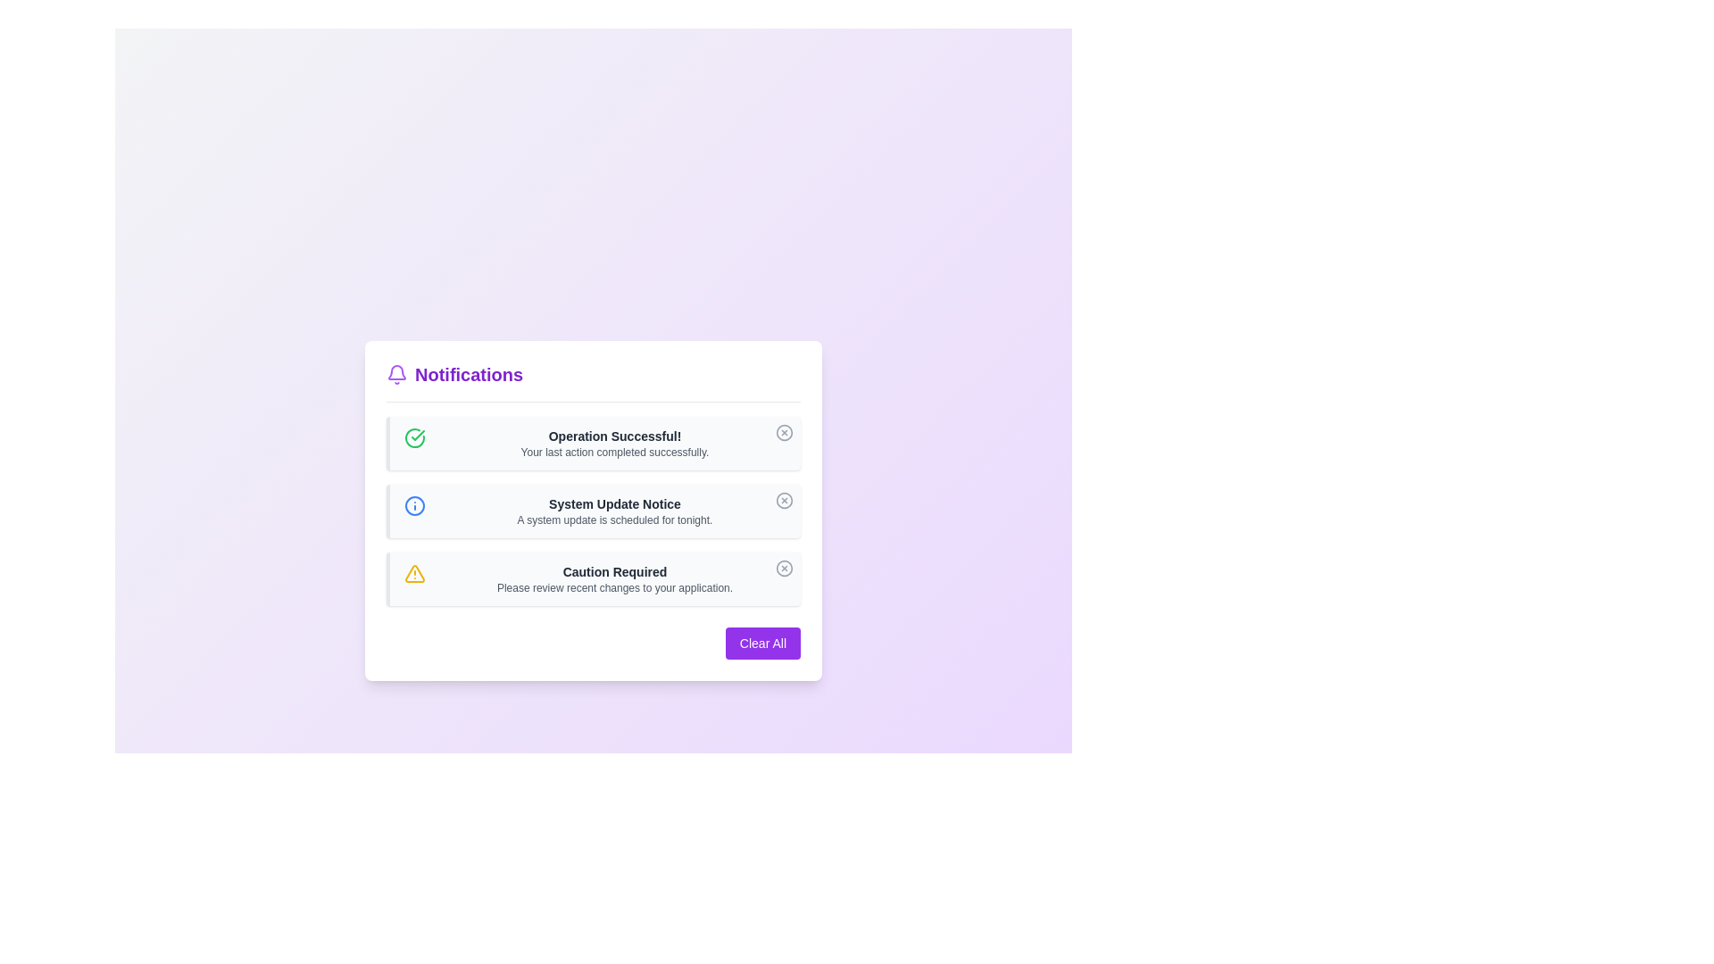 This screenshot has width=1714, height=964. I want to click on the Notification Item that contains the text 'Caution Required' styled in bold, which appears as a warning notification with a yellow icon and light gray background, so click(615, 578).